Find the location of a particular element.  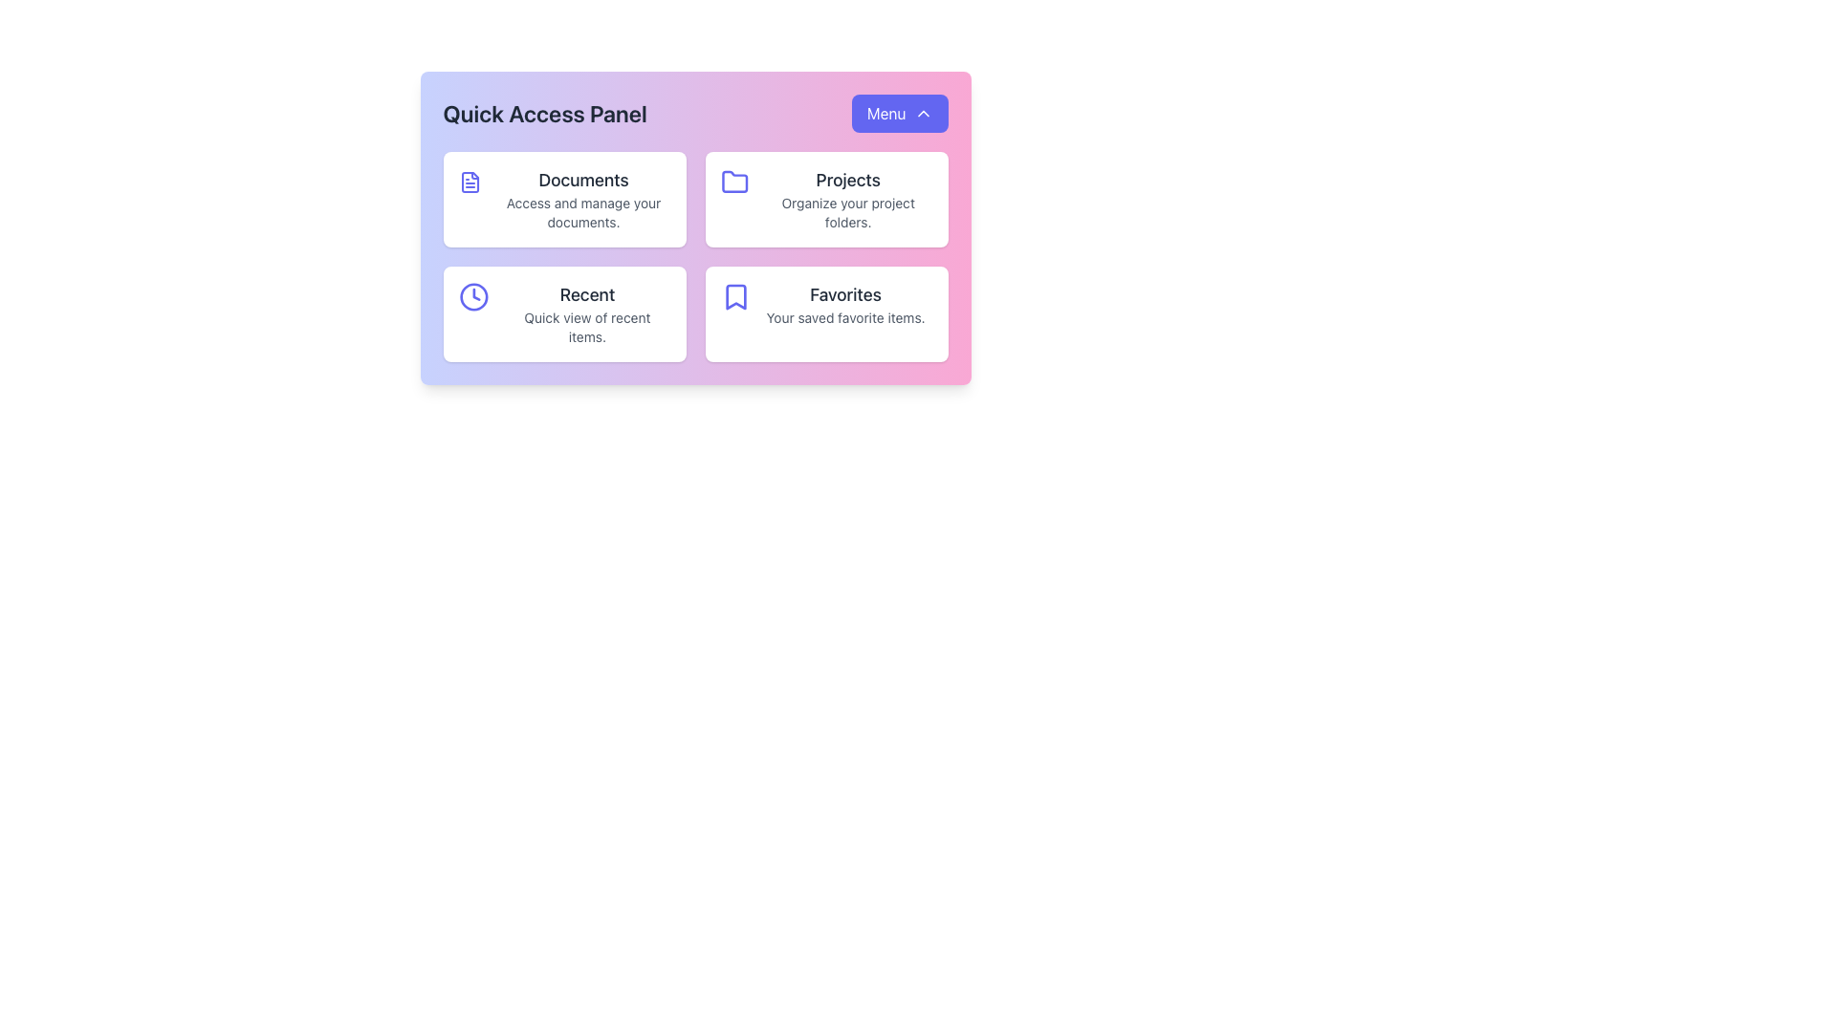

the descriptive text label located beneath the 'Favorites' header in the grid layout of the interface panel is located at coordinates (844, 316).